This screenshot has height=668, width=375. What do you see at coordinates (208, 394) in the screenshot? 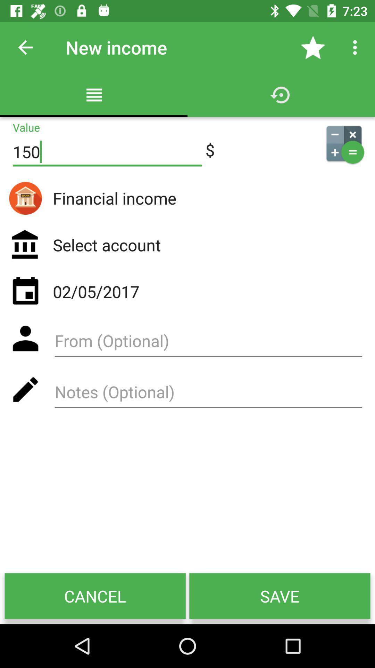
I see `write notes` at bounding box center [208, 394].